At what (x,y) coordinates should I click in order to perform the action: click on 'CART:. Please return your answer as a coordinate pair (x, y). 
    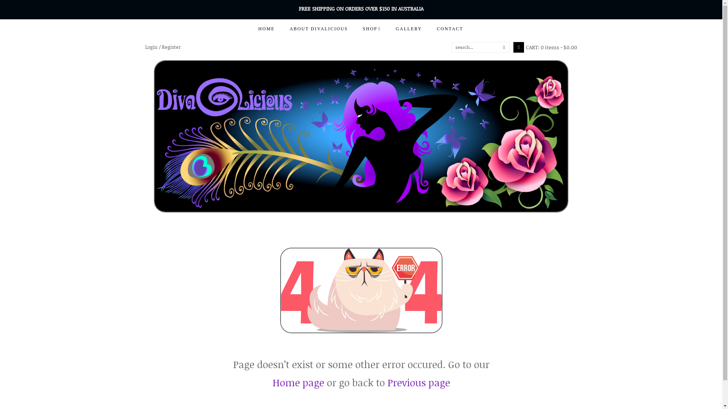
    Looking at the image, I should click on (545, 47).